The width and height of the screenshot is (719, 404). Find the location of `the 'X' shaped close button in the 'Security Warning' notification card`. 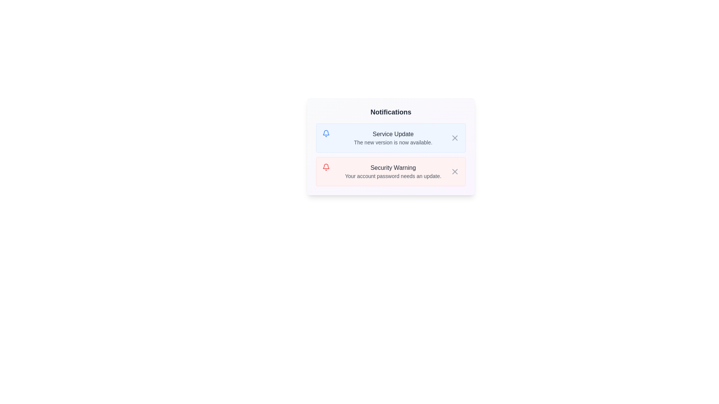

the 'X' shaped close button in the 'Security Warning' notification card is located at coordinates (454, 172).